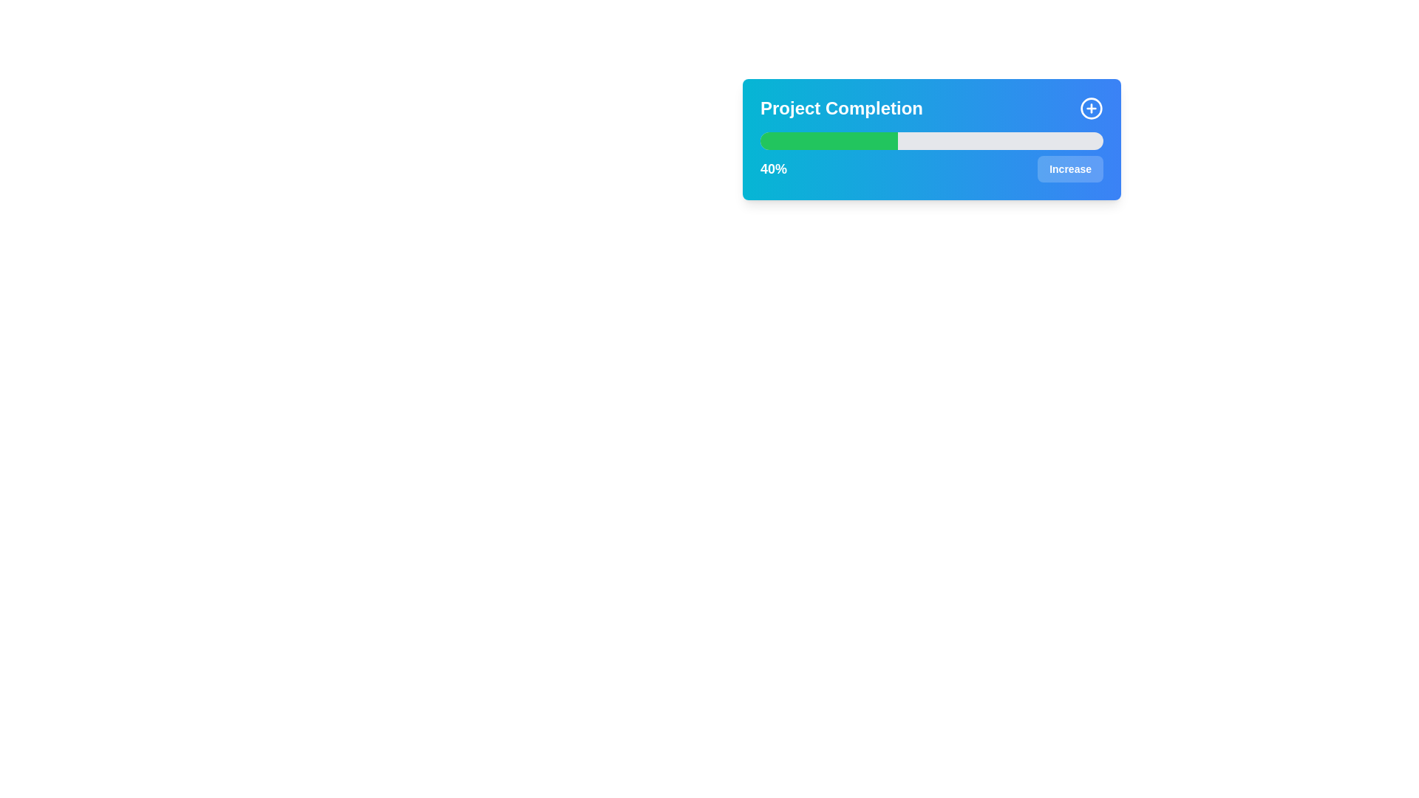 This screenshot has width=1419, height=798. What do you see at coordinates (1092, 107) in the screenshot?
I see `the 'plus' icon located inside a button in the top-right section of the widget` at bounding box center [1092, 107].